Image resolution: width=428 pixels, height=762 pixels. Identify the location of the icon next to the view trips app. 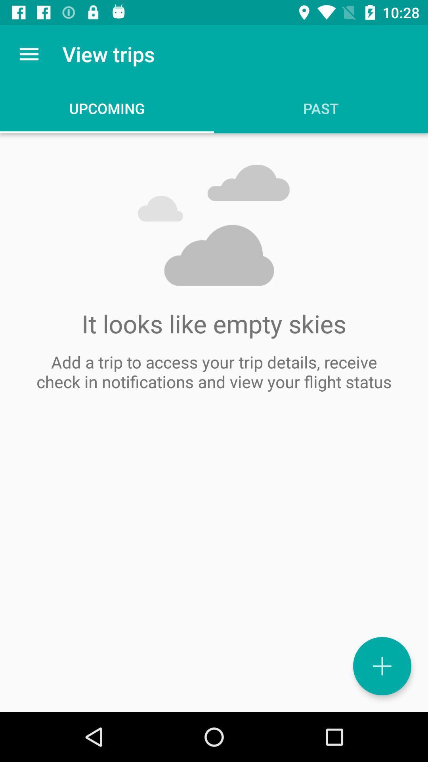
(29, 54).